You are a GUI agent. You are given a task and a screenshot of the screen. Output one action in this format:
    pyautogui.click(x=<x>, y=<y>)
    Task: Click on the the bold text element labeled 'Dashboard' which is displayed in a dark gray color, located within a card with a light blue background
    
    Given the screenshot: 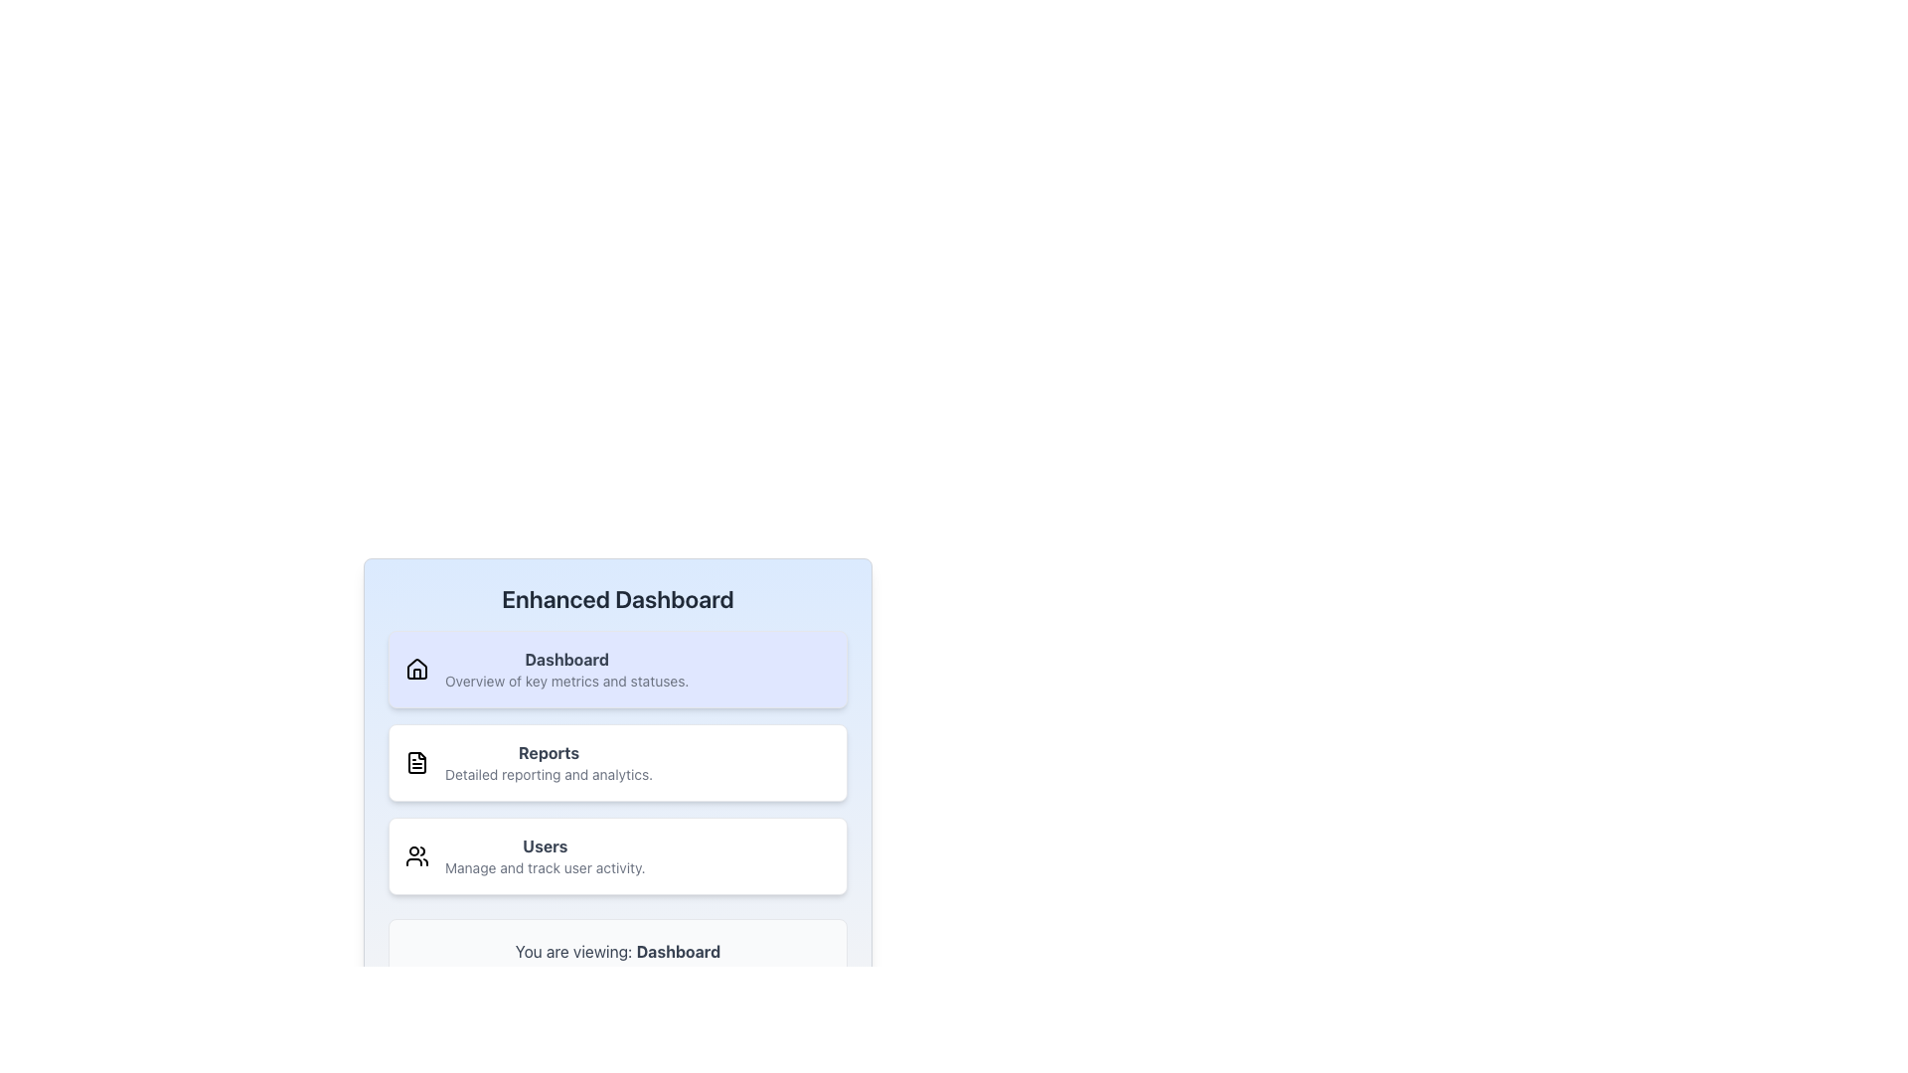 What is the action you would take?
    pyautogui.click(x=565, y=659)
    